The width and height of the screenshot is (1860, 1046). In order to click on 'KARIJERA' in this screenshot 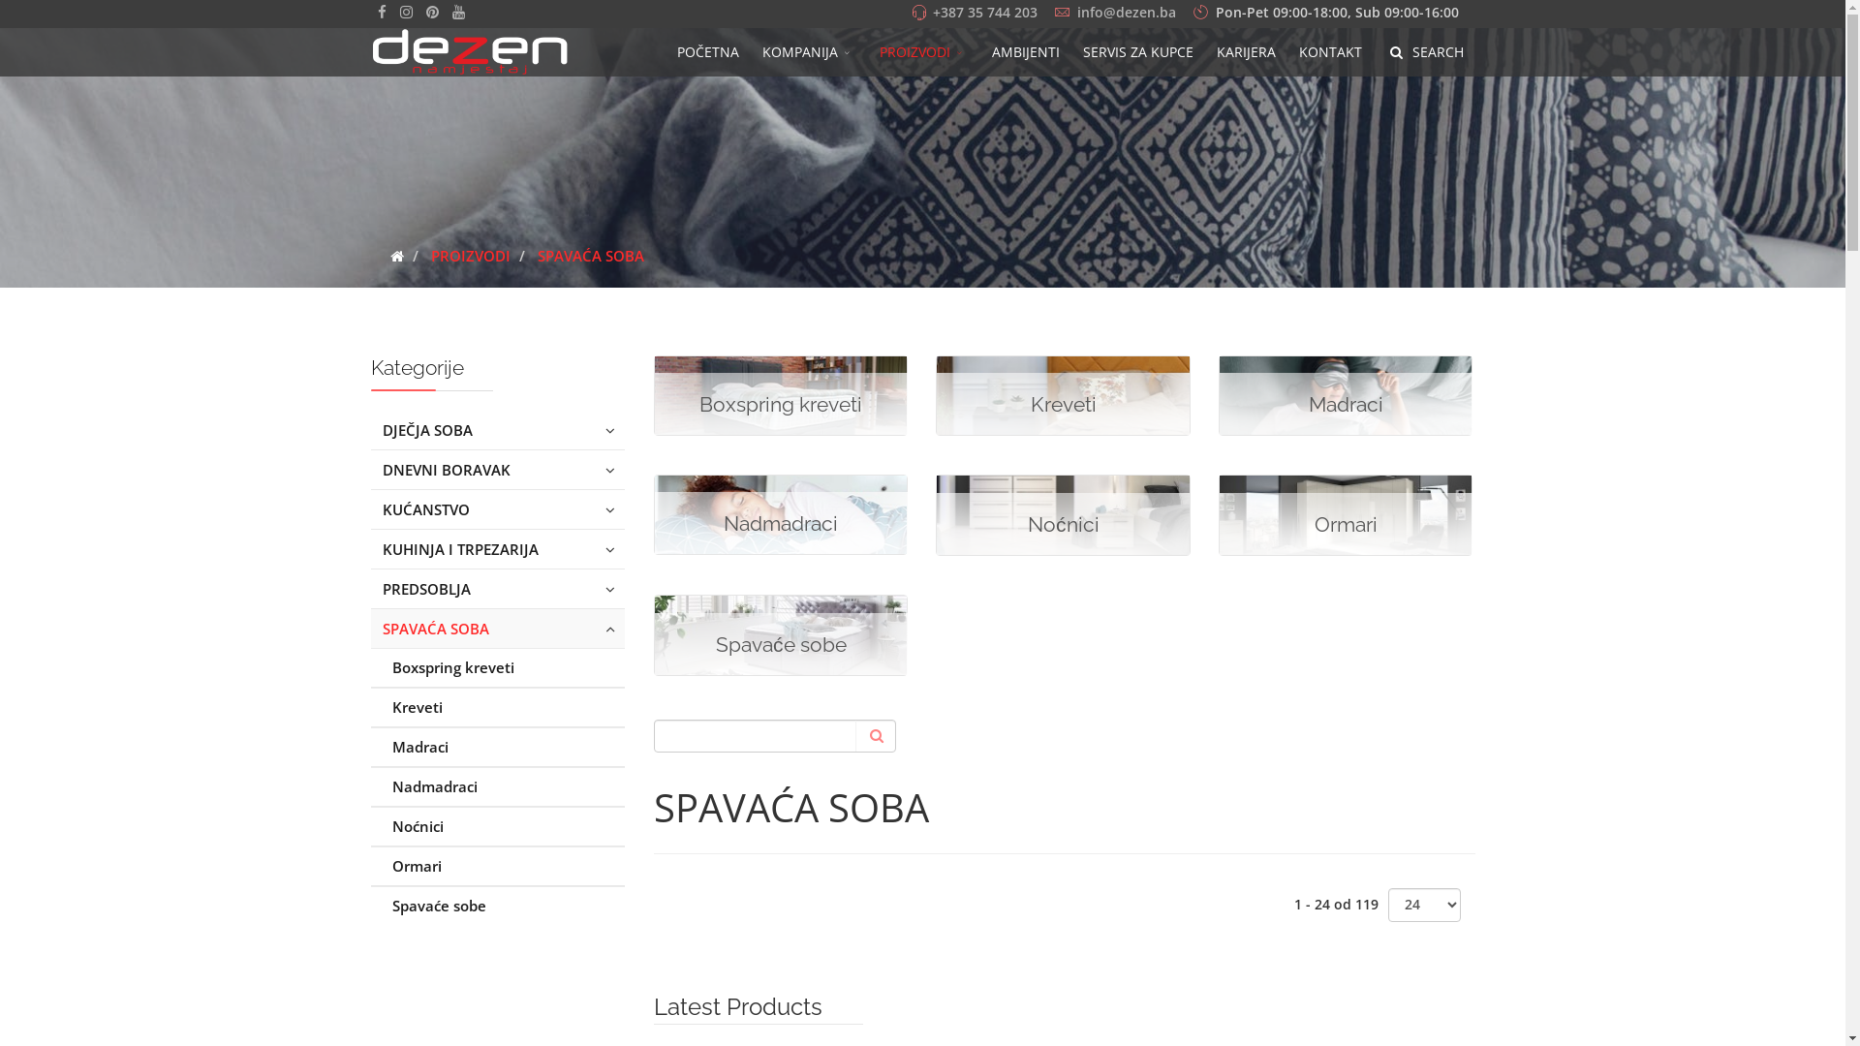, I will do `click(1246, 51)`.